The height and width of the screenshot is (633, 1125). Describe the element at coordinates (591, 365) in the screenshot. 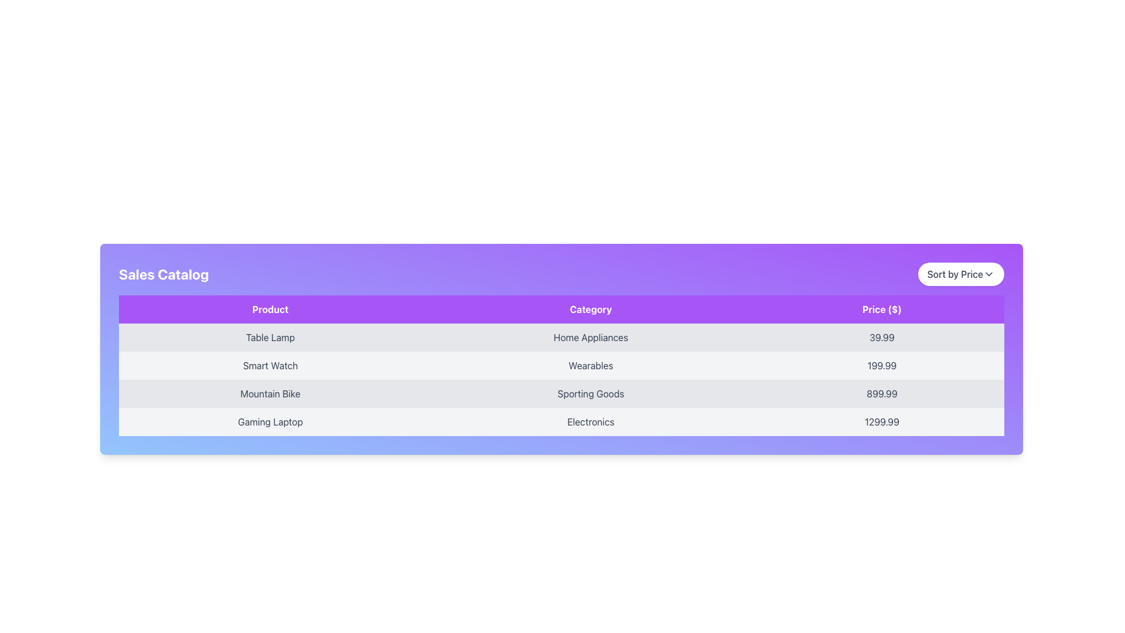

I see `the 'Wearables' text label located in the second row of the 'Category' column of the data table, which is horizontally centered and has a black font color on a gray-striped background` at that location.